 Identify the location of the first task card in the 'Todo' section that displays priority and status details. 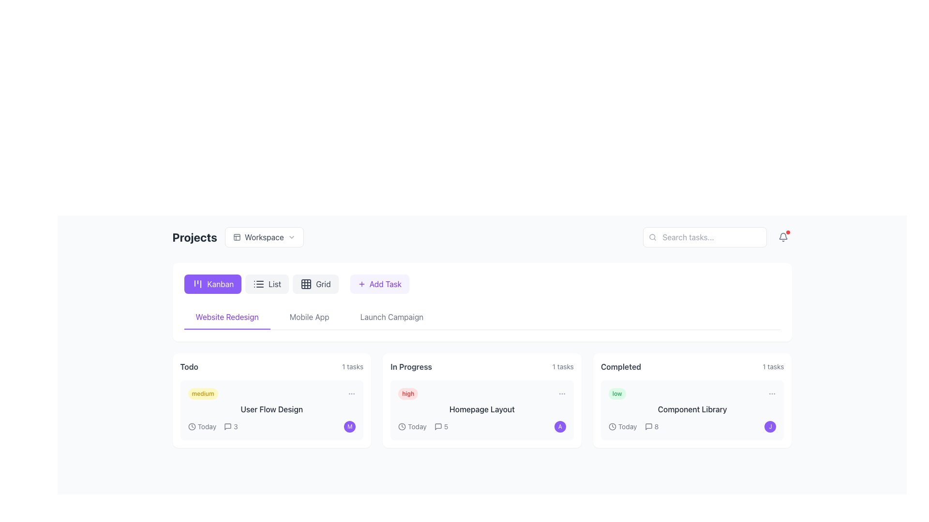
(271, 401).